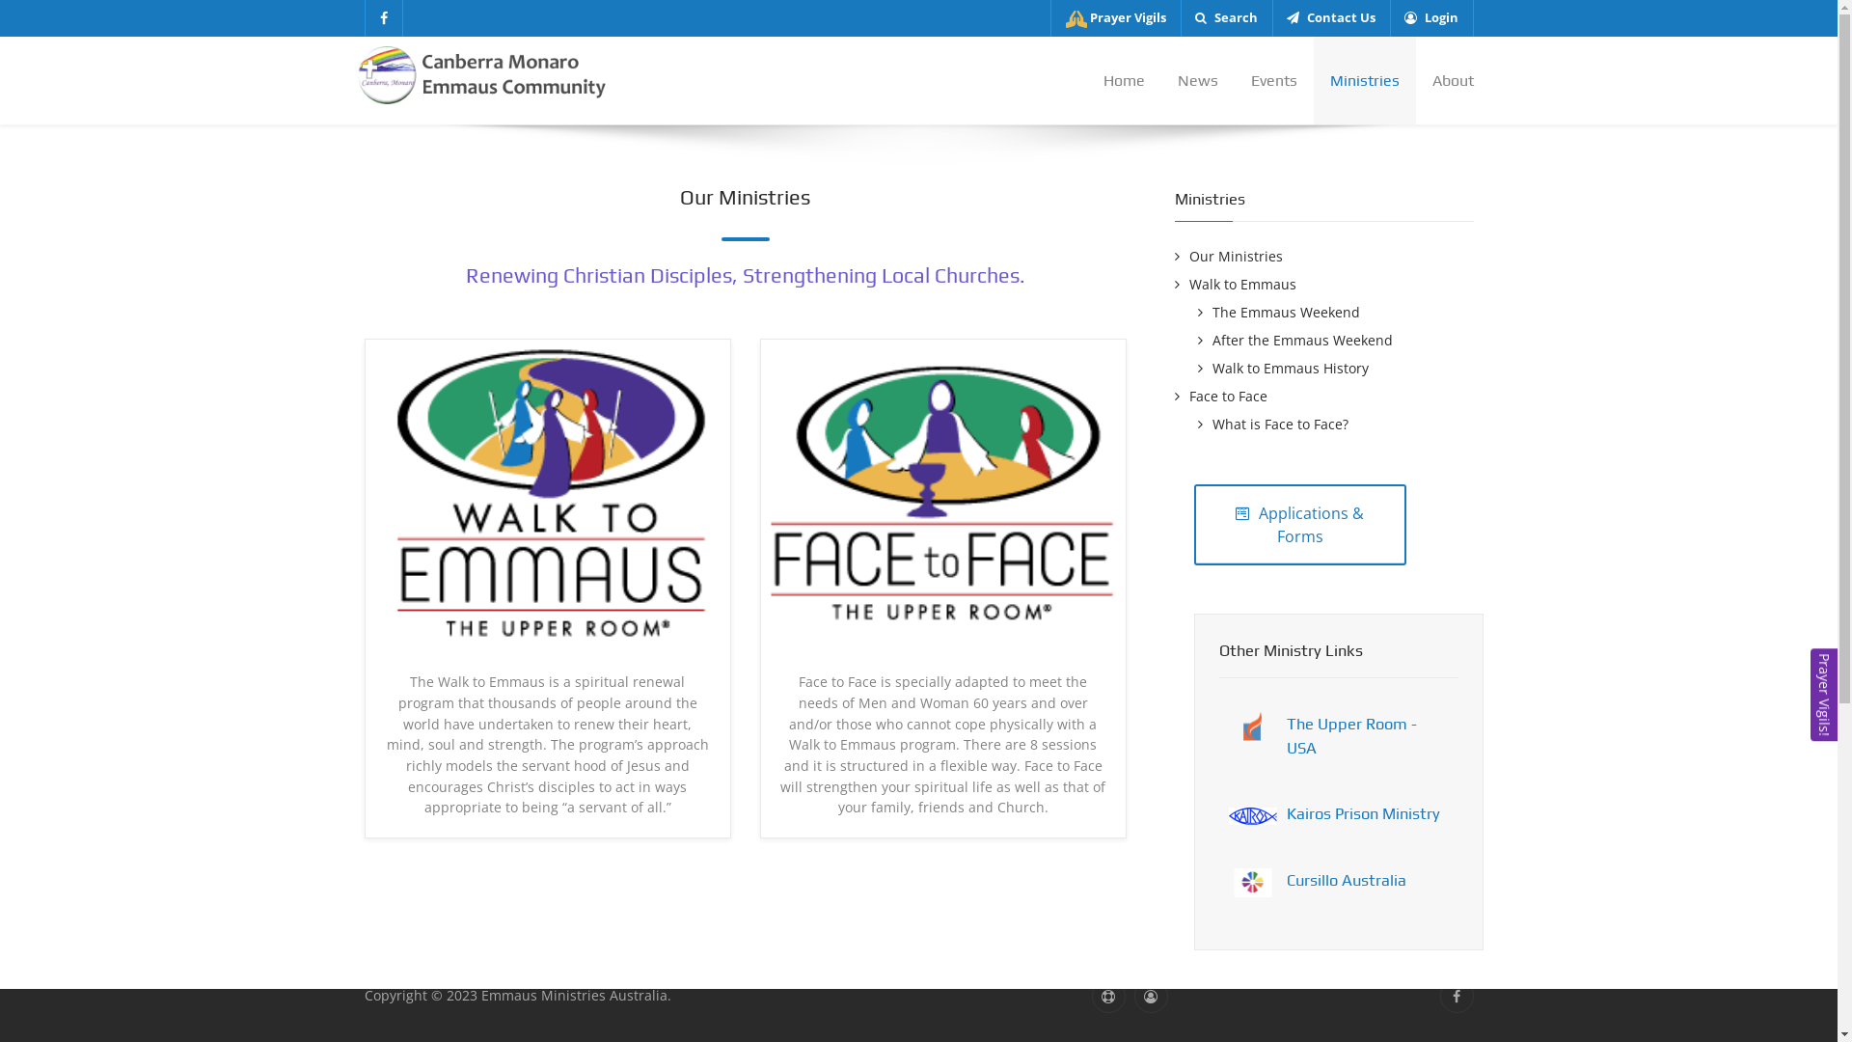 This screenshot has height=1042, width=1852. I want to click on 'Events', so click(1273, 79).